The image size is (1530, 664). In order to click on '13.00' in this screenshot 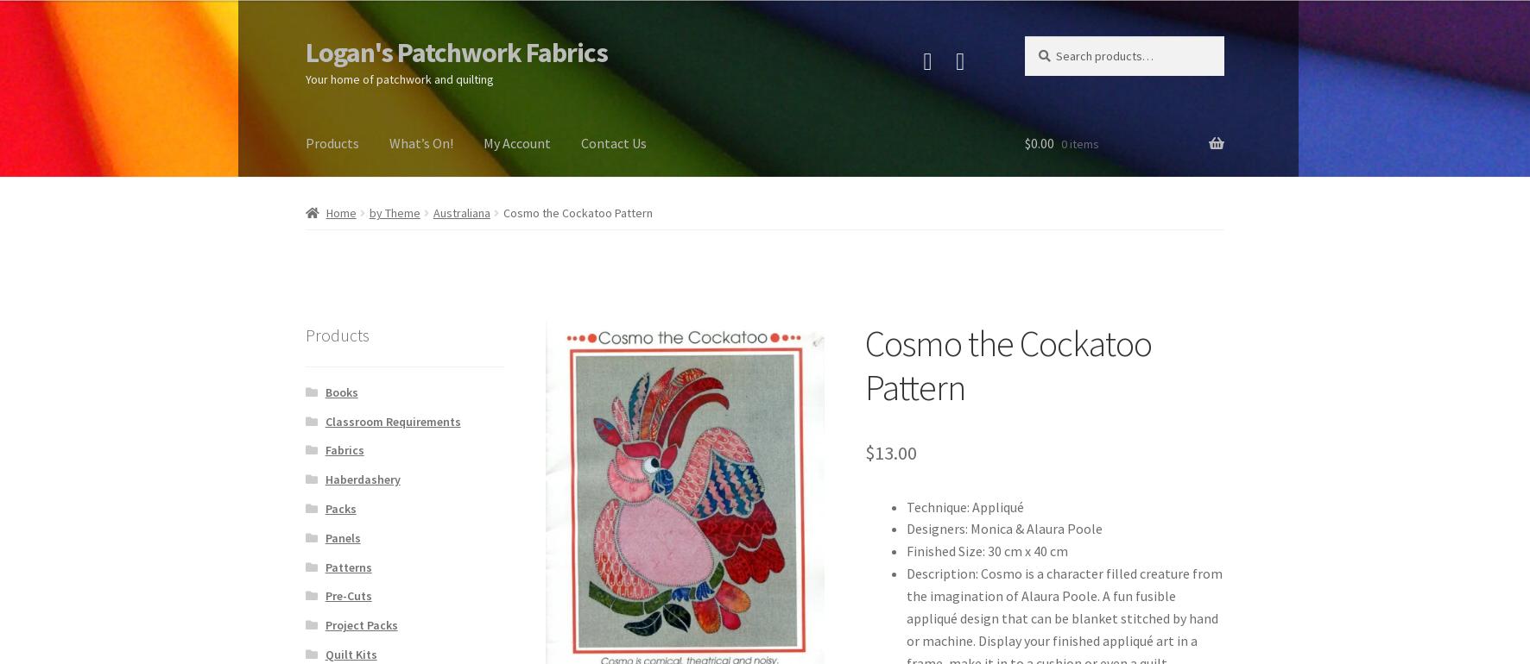, I will do `click(873, 450)`.